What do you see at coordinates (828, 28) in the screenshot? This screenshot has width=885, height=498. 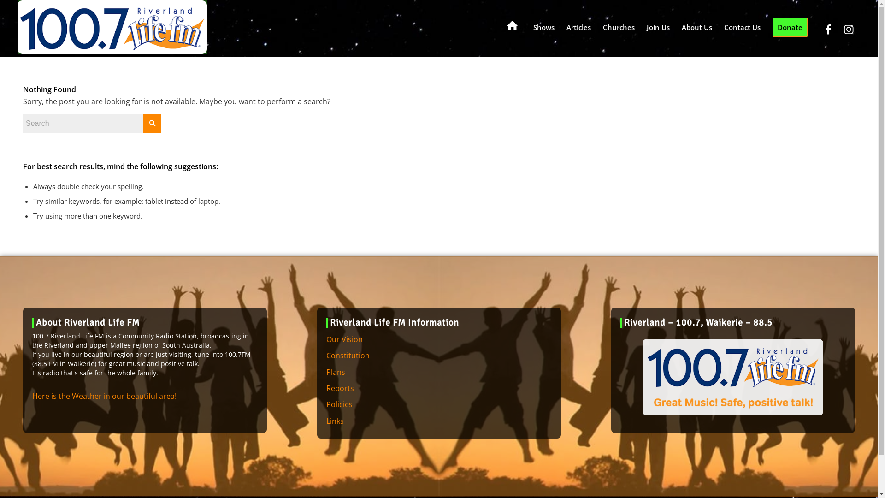 I see `'Facebook'` at bounding box center [828, 28].